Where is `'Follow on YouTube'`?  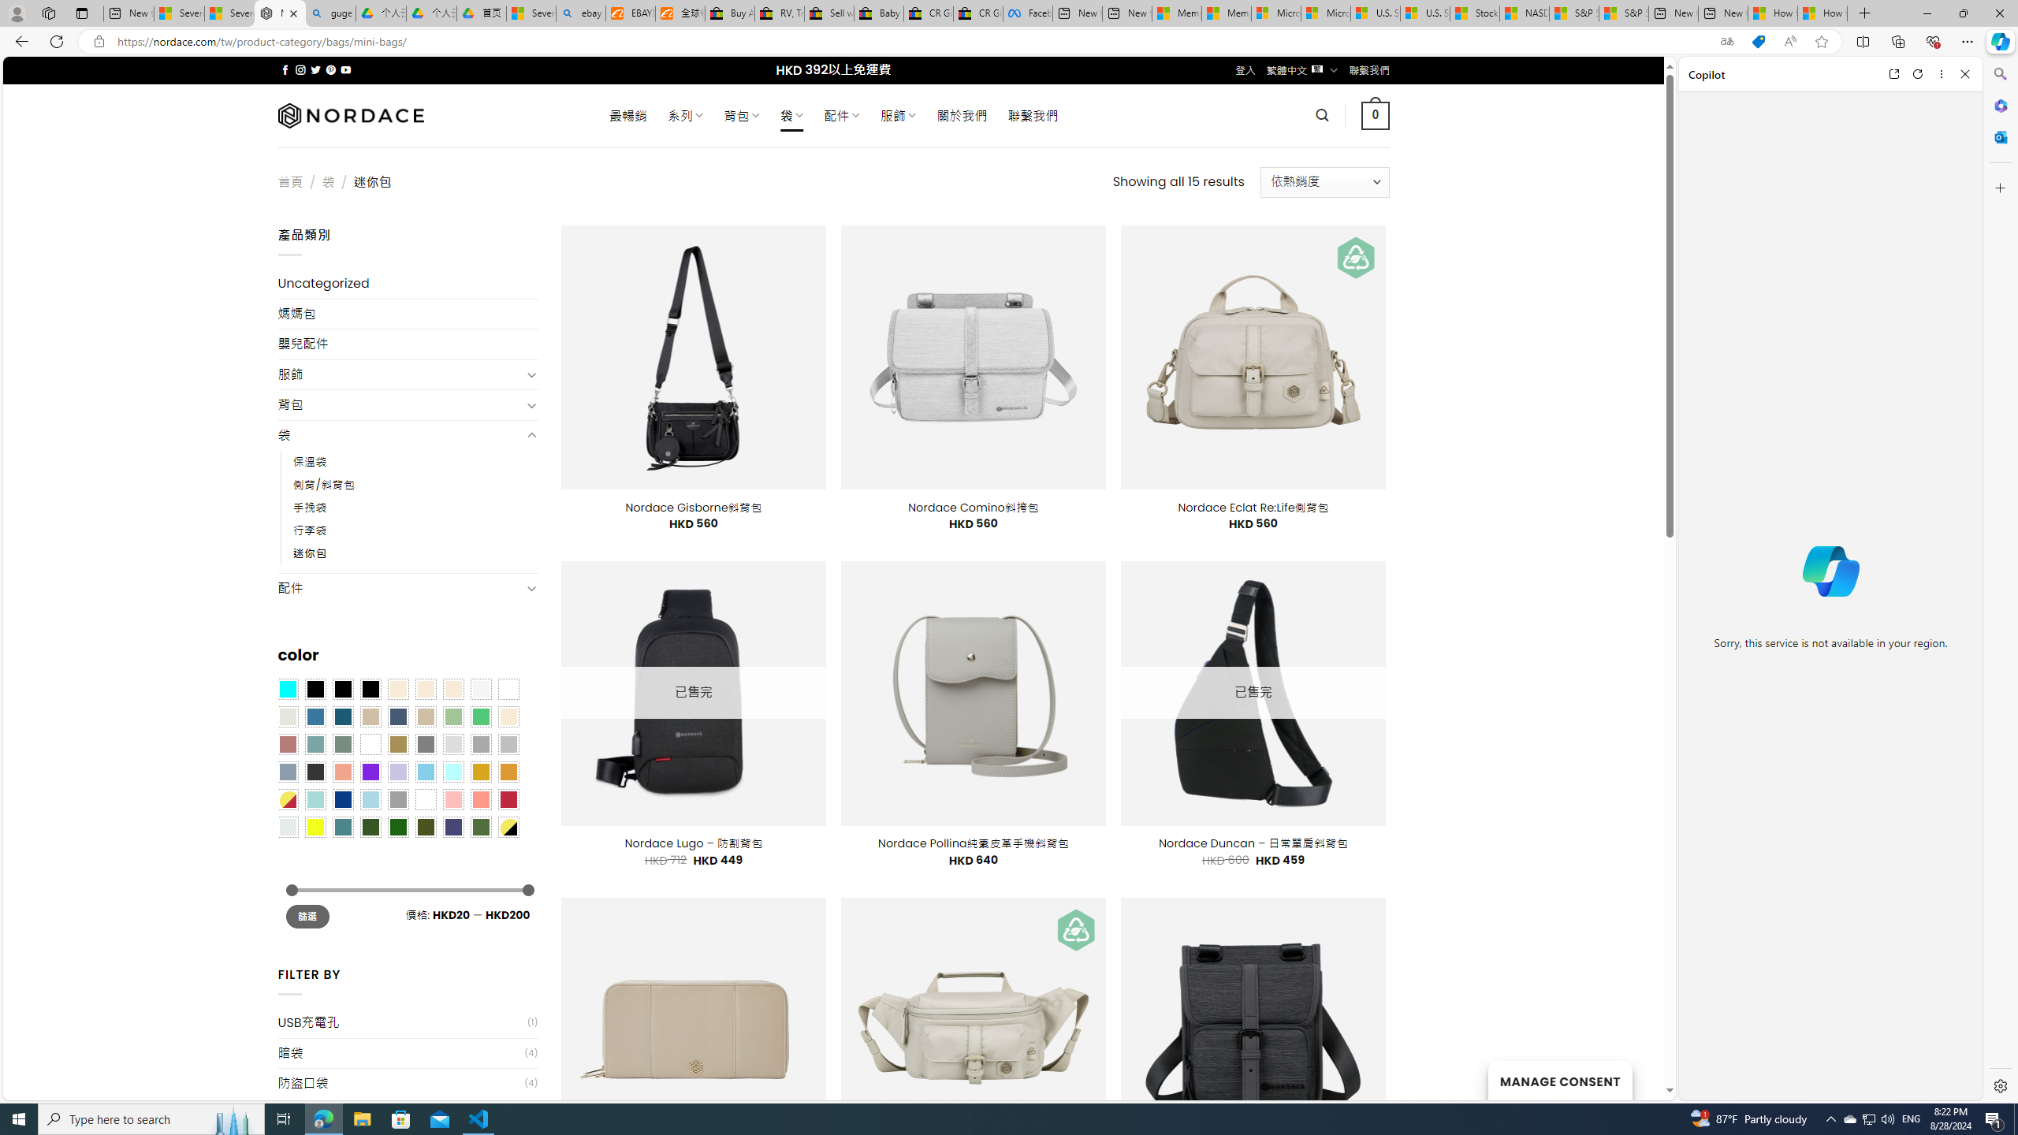 'Follow on YouTube' is located at coordinates (346, 69).